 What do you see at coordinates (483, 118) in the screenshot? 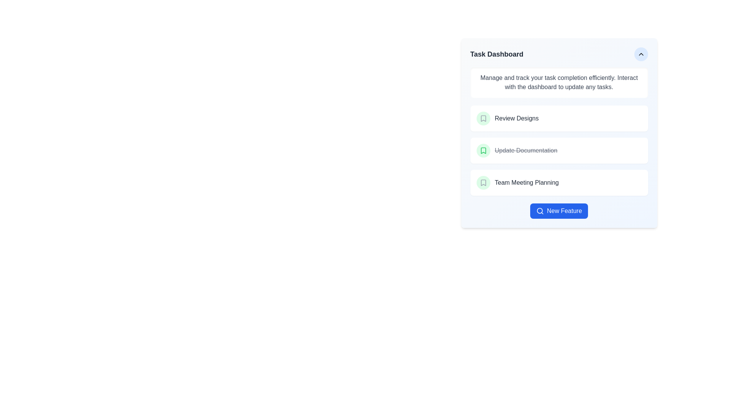
I see `the bookmark icon located within the first item of the list under 'Task Dashboard', which is enclosed in the rounded rectangle button labeled 'Review Designs'` at bounding box center [483, 118].